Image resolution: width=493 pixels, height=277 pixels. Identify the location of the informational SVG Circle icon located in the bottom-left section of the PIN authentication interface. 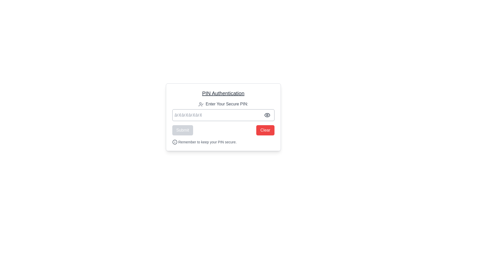
(175, 142).